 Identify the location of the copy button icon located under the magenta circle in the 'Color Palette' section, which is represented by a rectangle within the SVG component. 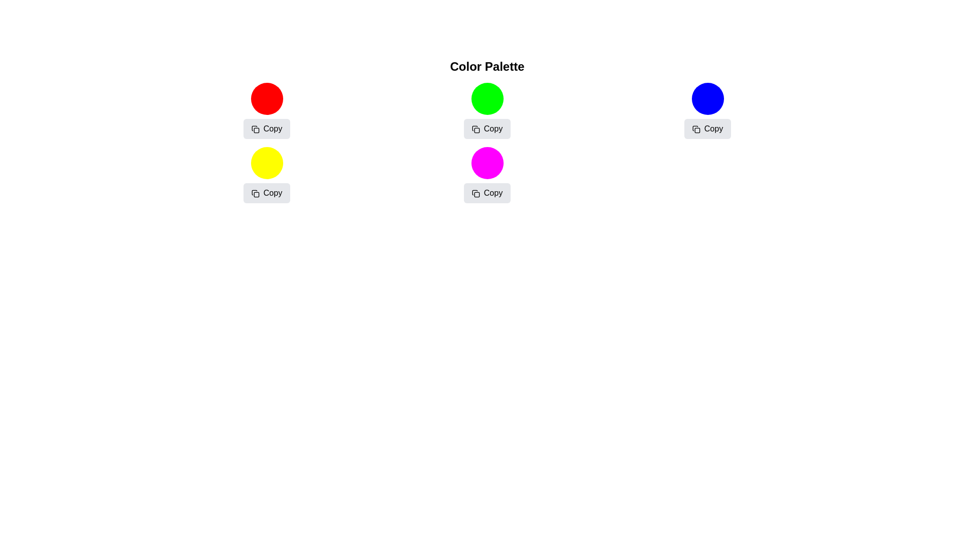
(476, 194).